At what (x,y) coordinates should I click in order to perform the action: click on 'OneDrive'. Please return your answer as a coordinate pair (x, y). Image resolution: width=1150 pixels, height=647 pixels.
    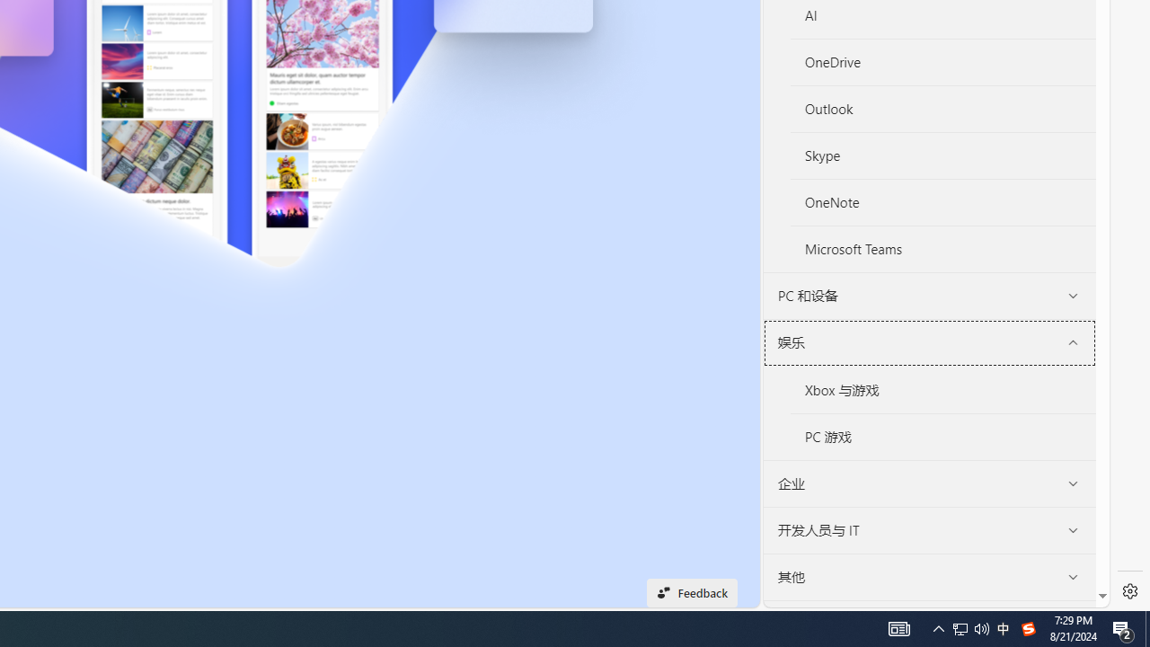
    Looking at the image, I should click on (942, 61).